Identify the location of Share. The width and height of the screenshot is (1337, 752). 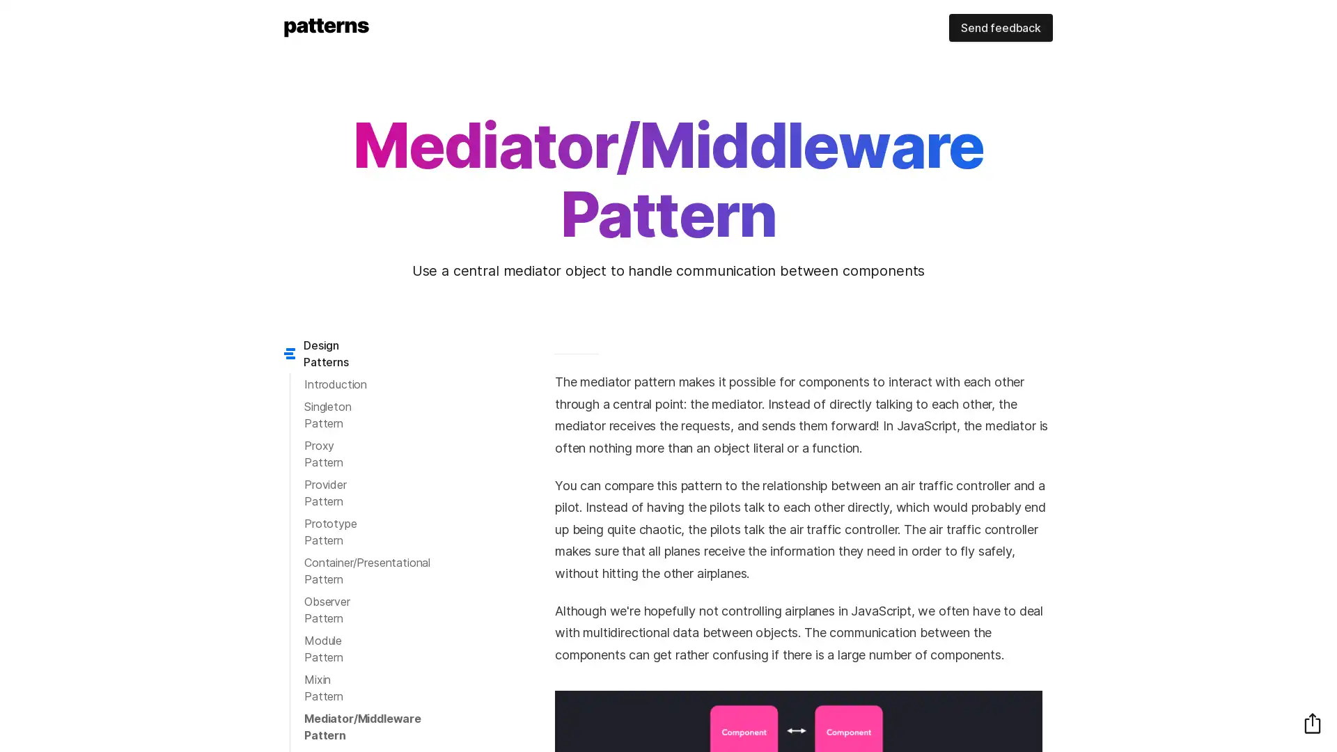
(1312, 722).